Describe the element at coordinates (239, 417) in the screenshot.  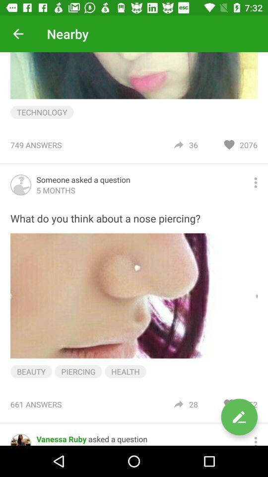
I see `the edit icon` at that location.